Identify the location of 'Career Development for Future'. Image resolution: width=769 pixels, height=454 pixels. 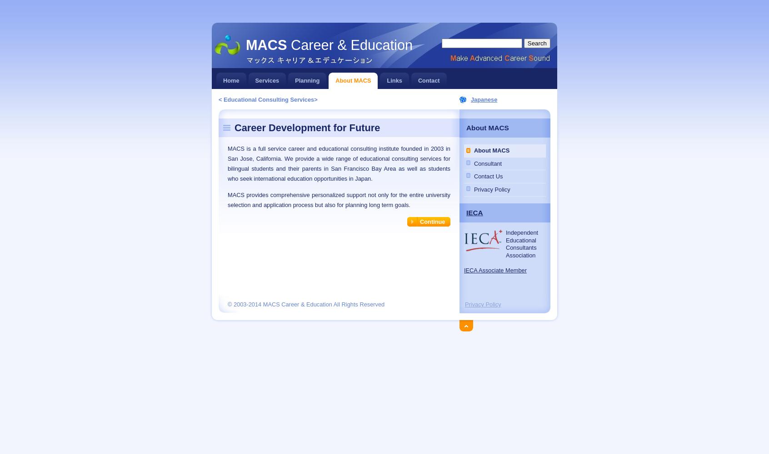
(307, 127).